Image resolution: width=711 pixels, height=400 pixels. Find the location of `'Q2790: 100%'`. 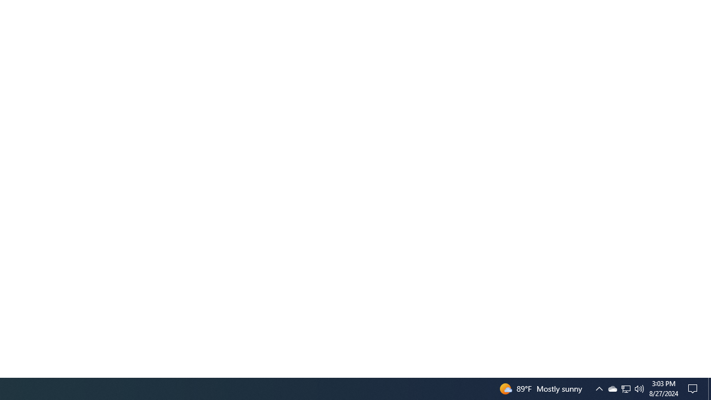

'Q2790: 100%' is located at coordinates (612, 388).